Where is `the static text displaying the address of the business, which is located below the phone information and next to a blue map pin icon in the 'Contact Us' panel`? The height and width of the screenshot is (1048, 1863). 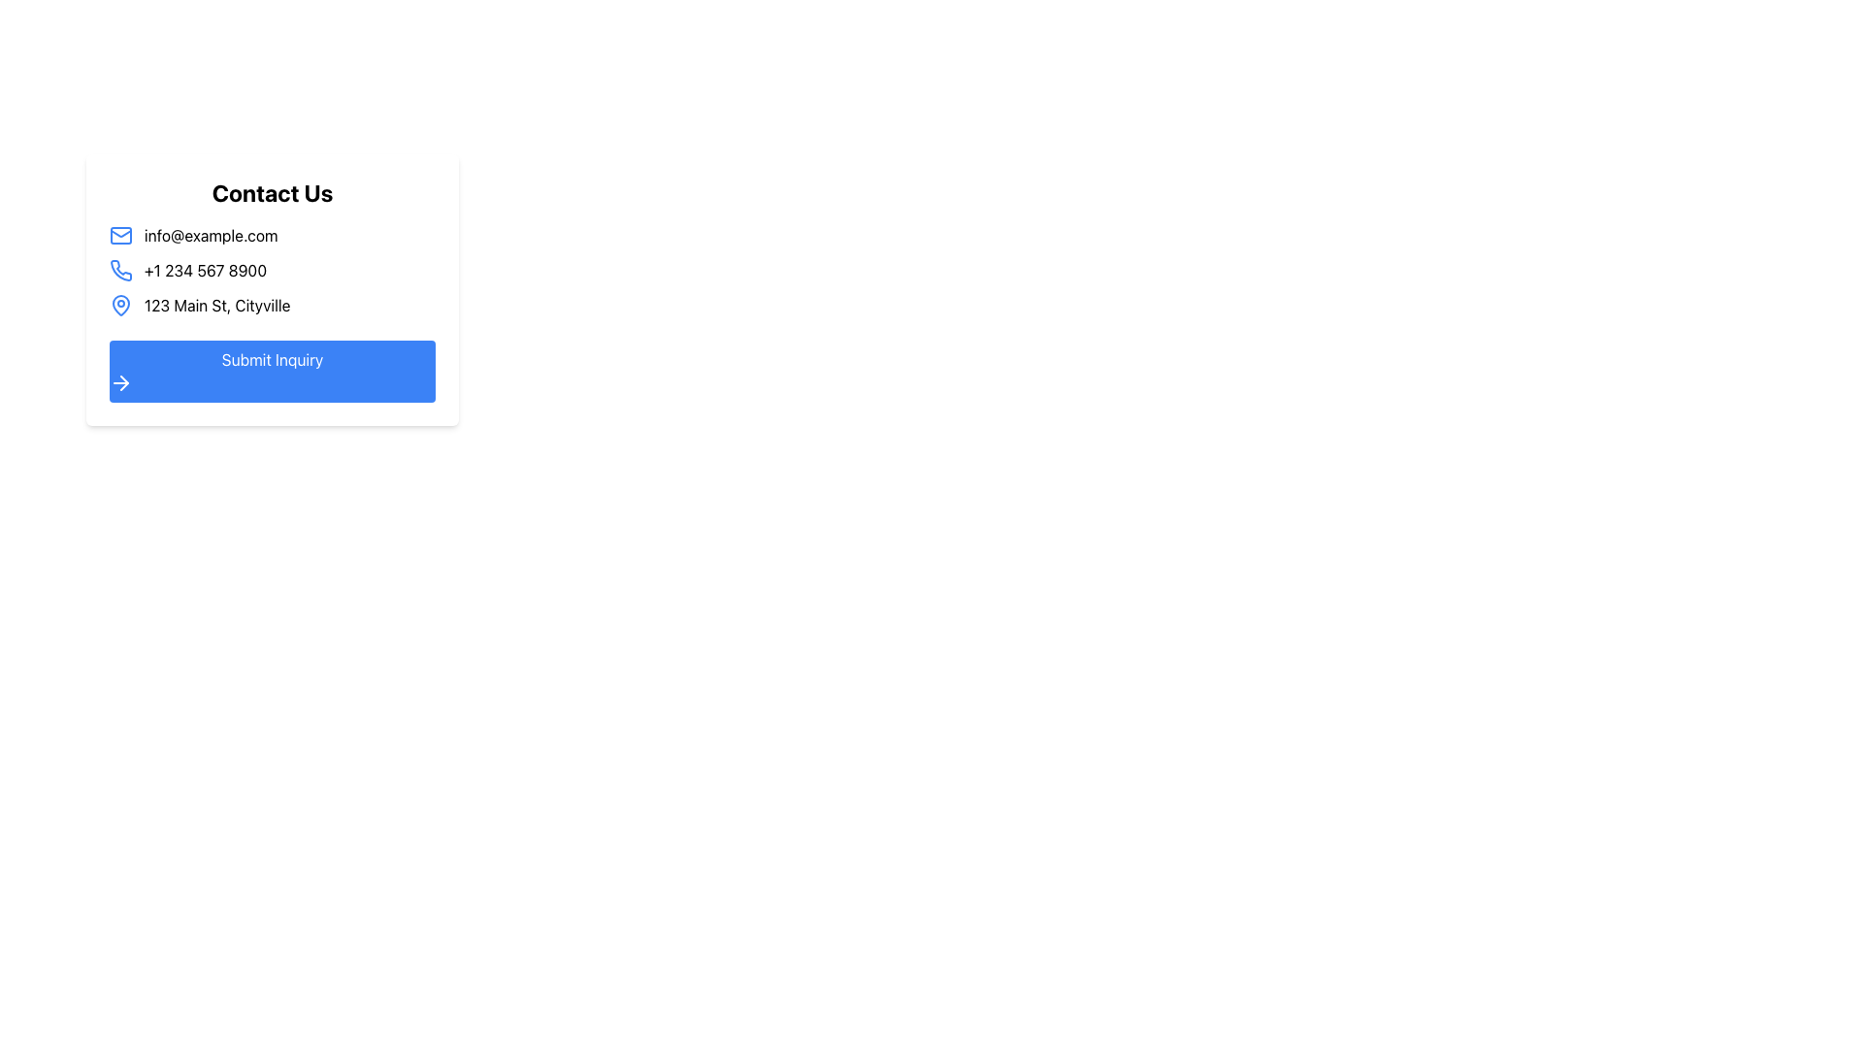 the static text displaying the address of the business, which is located below the phone information and next to a blue map pin icon in the 'Contact Us' panel is located at coordinates (217, 306).